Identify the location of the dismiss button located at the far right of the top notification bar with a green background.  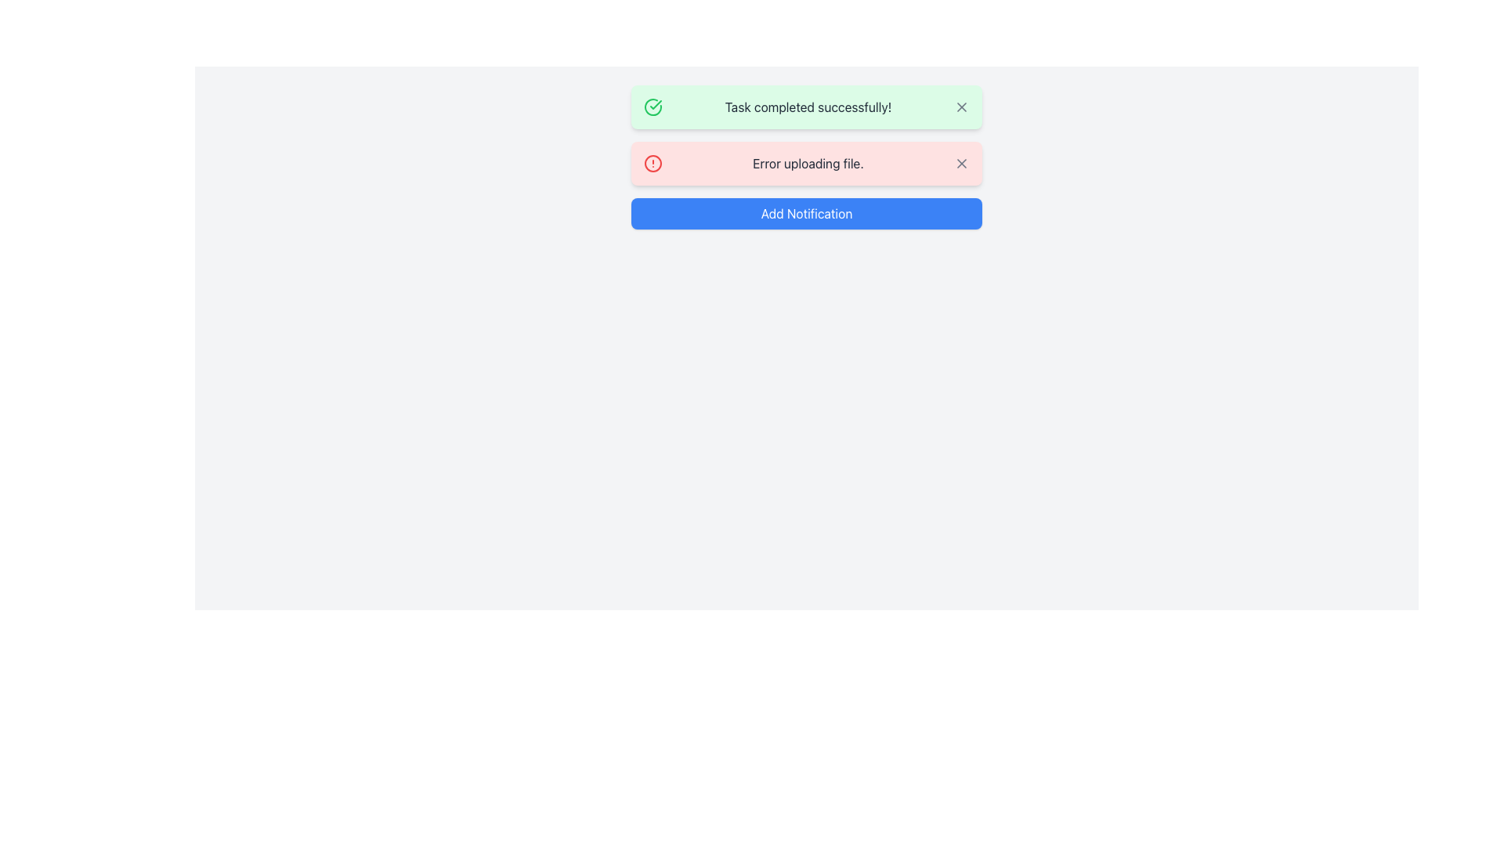
(961, 107).